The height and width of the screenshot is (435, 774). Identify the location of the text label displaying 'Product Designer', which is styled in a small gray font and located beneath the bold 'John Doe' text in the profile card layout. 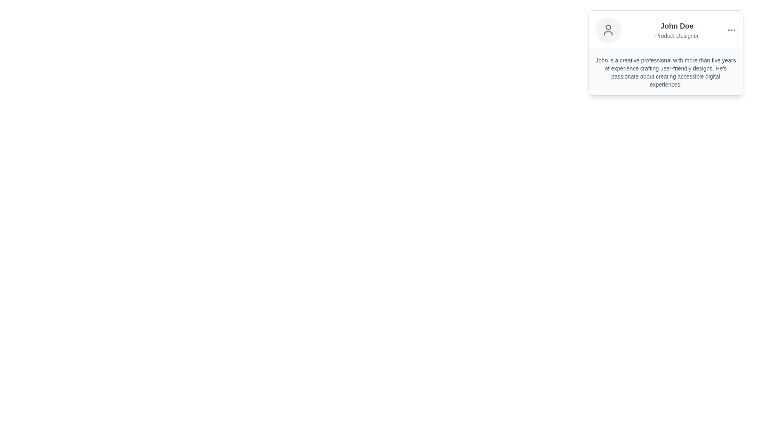
(677, 35).